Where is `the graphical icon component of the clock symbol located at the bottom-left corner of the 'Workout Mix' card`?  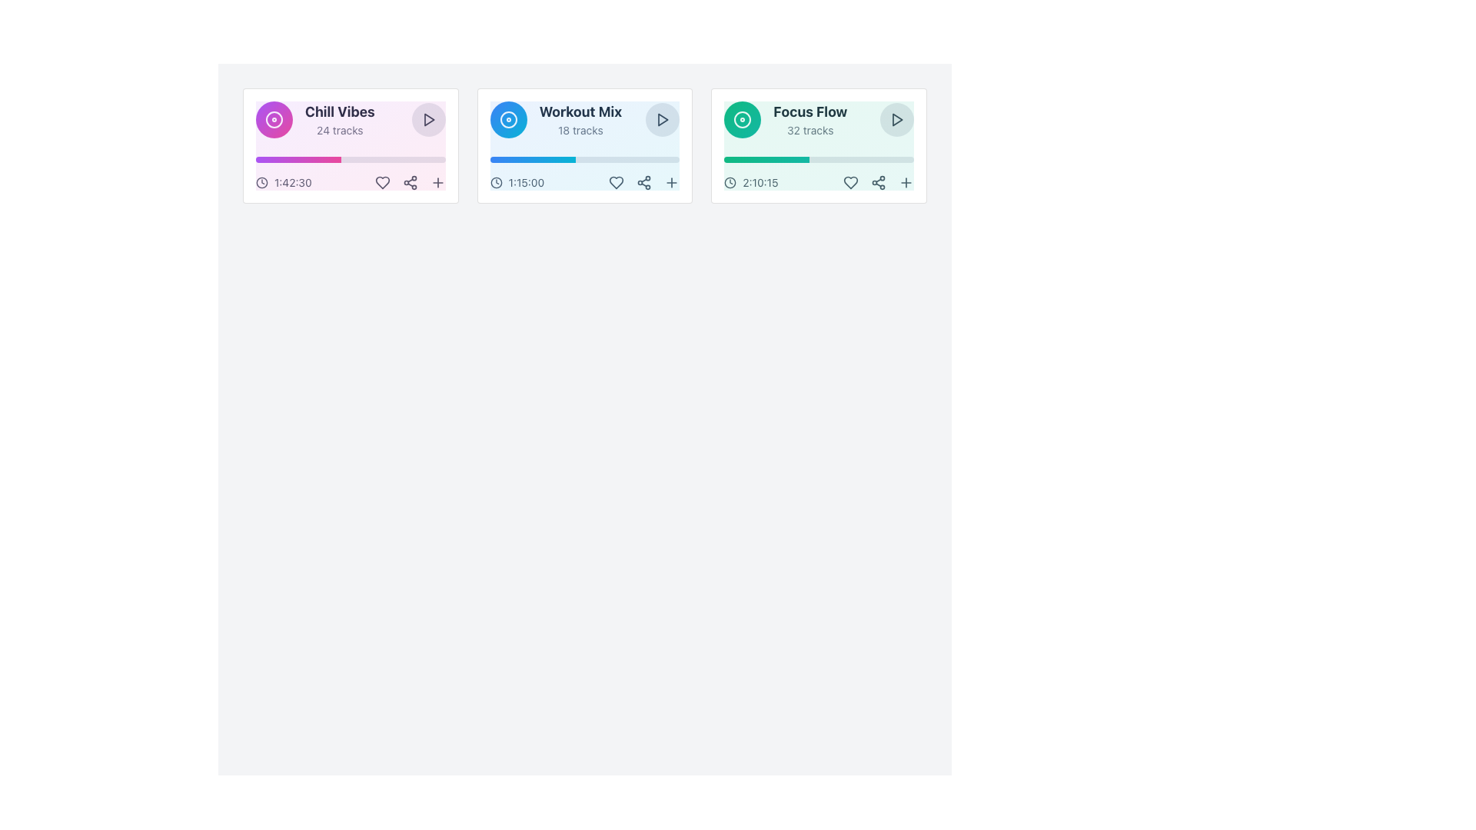
the graphical icon component of the clock symbol located at the bottom-left corner of the 'Workout Mix' card is located at coordinates (496, 182).